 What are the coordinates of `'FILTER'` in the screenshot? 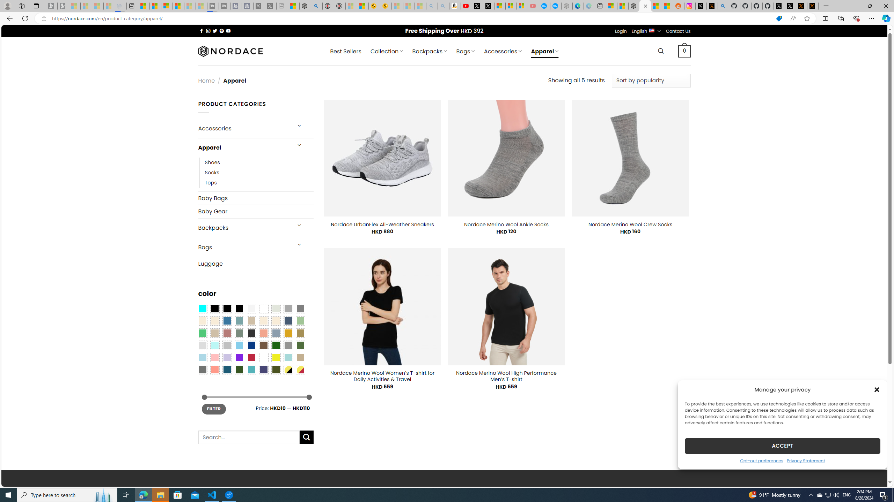 It's located at (213, 409).